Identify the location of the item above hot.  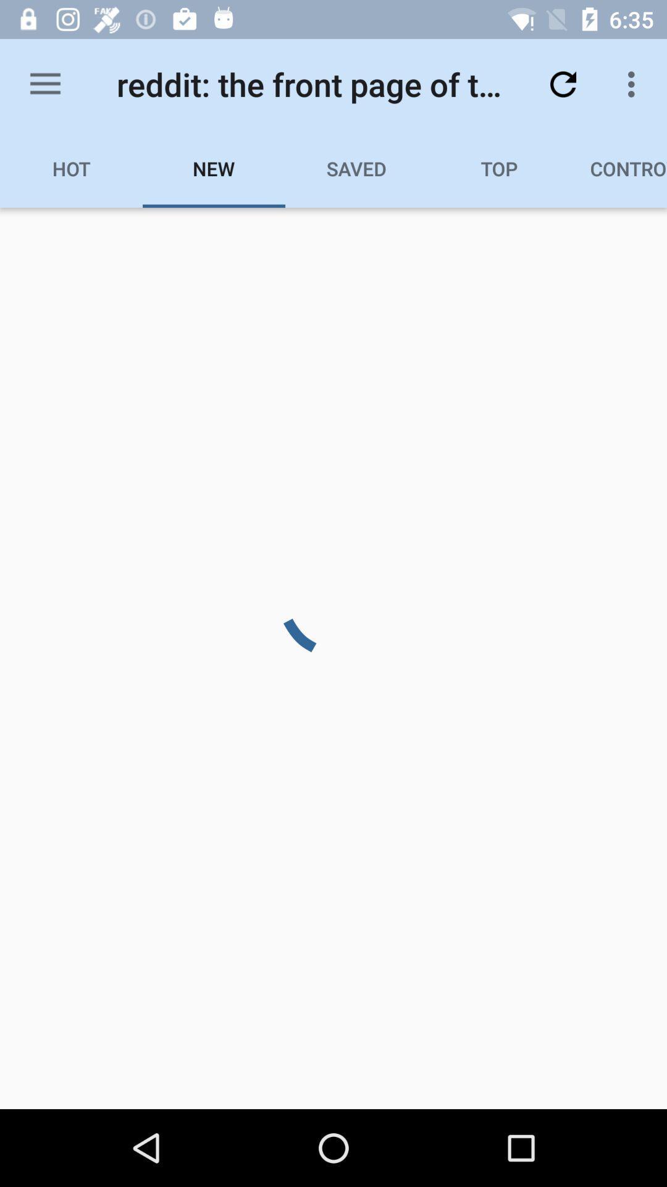
(44, 83).